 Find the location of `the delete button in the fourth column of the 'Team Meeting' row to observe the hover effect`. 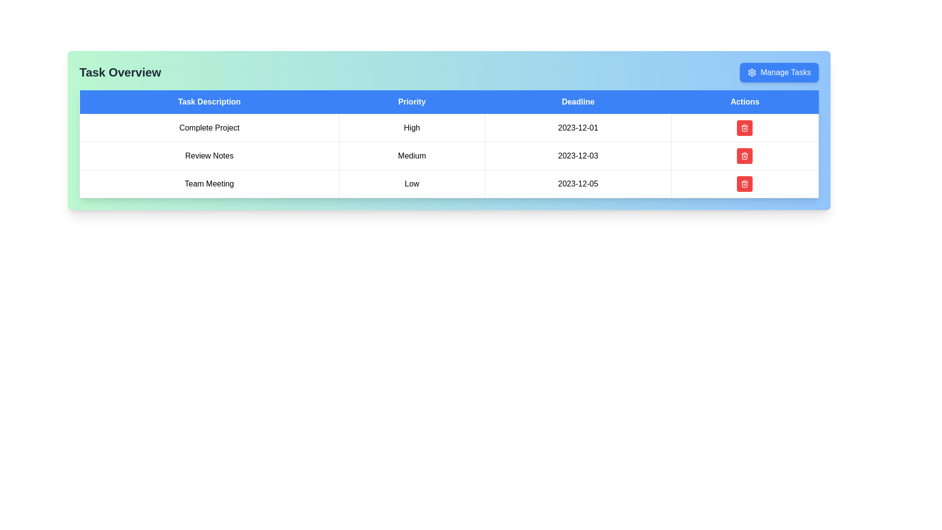

the delete button in the fourth column of the 'Team Meeting' row to observe the hover effect is located at coordinates (745, 184).